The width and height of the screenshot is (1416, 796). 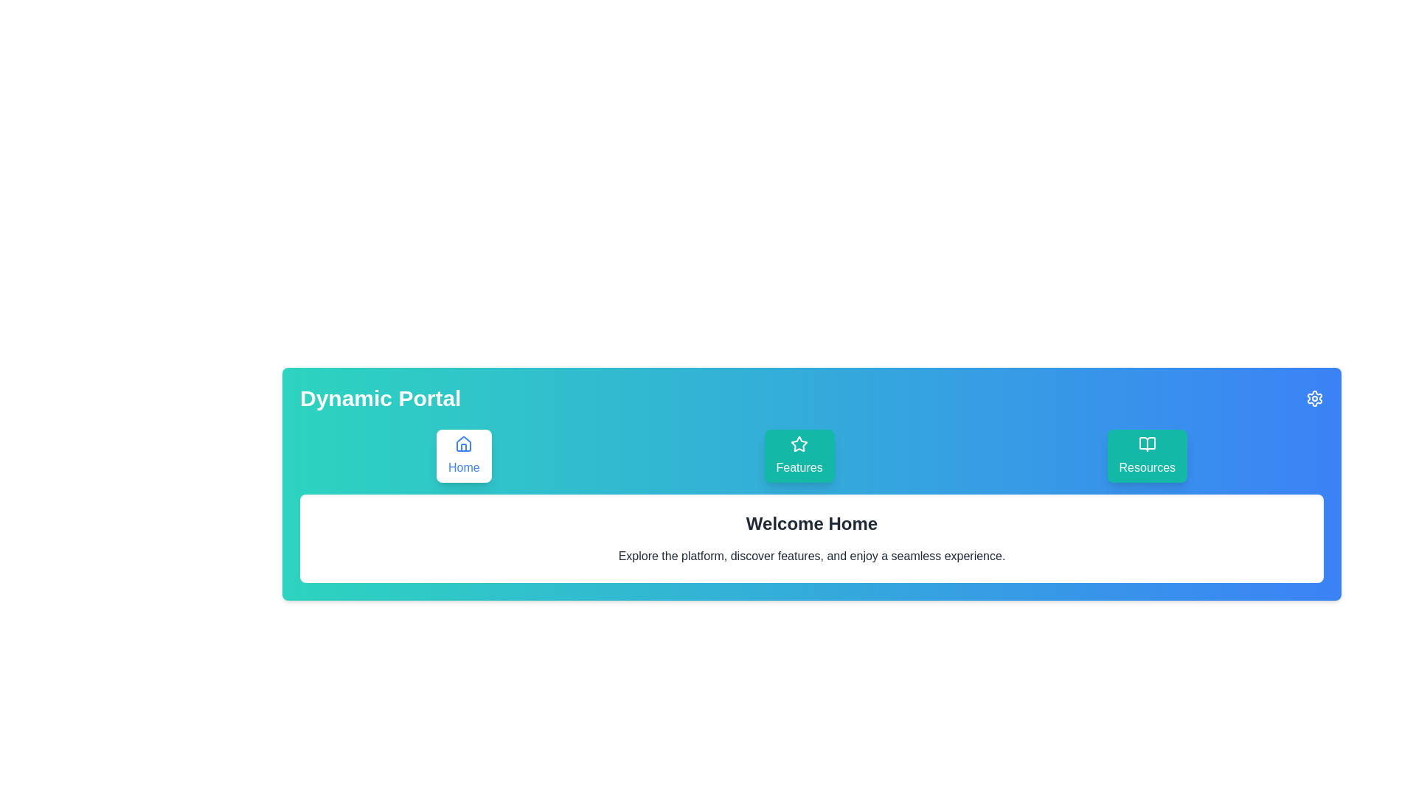 I want to click on the teal star-shaped icon with a white border located within the central 'Features' button, so click(x=799, y=443).